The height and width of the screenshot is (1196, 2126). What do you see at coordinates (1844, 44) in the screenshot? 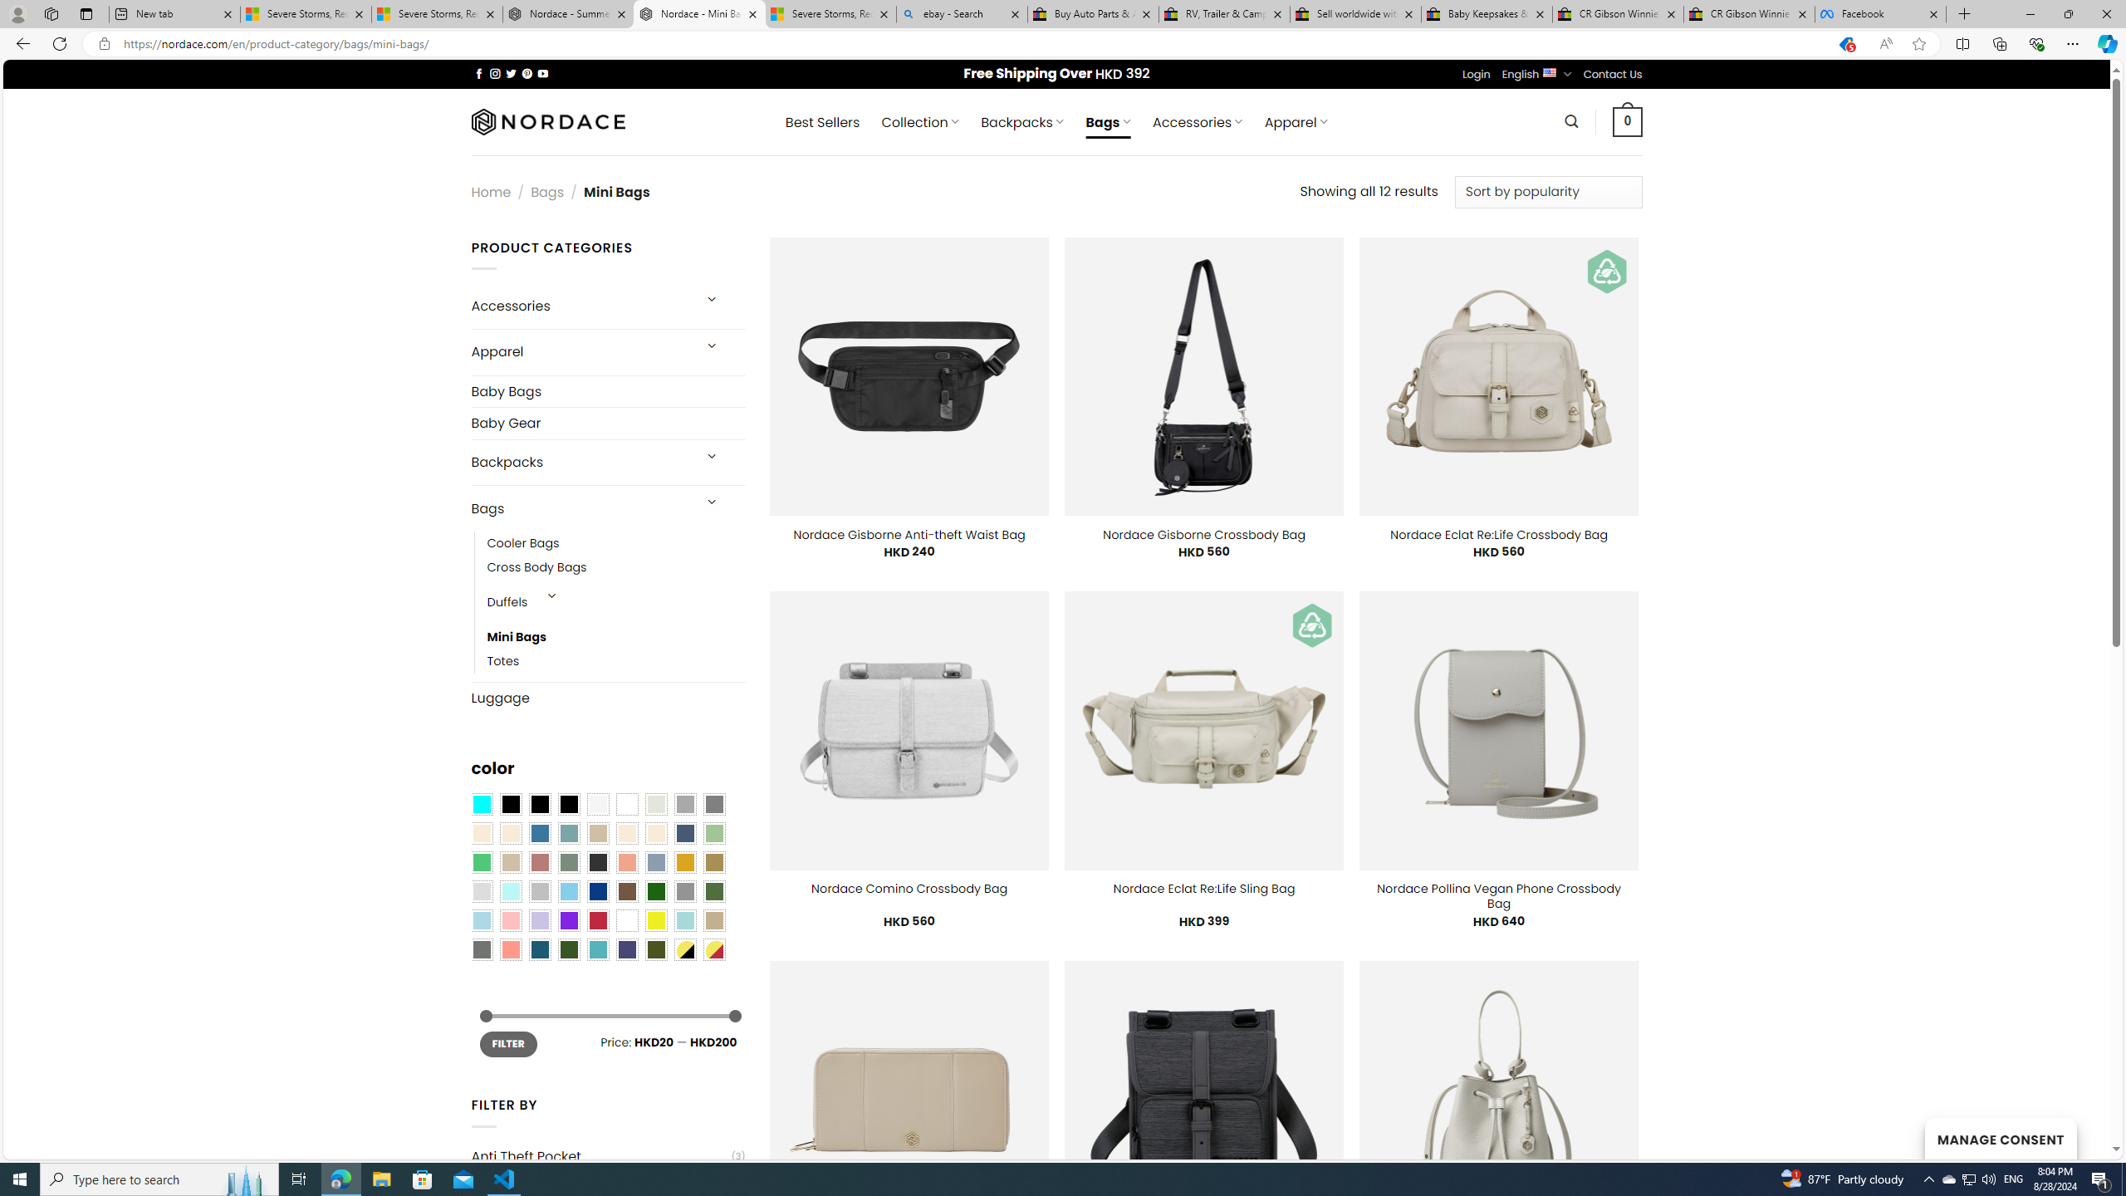
I see `'This site has coupons! Shopping in Microsoft Edge, 5'` at bounding box center [1844, 44].